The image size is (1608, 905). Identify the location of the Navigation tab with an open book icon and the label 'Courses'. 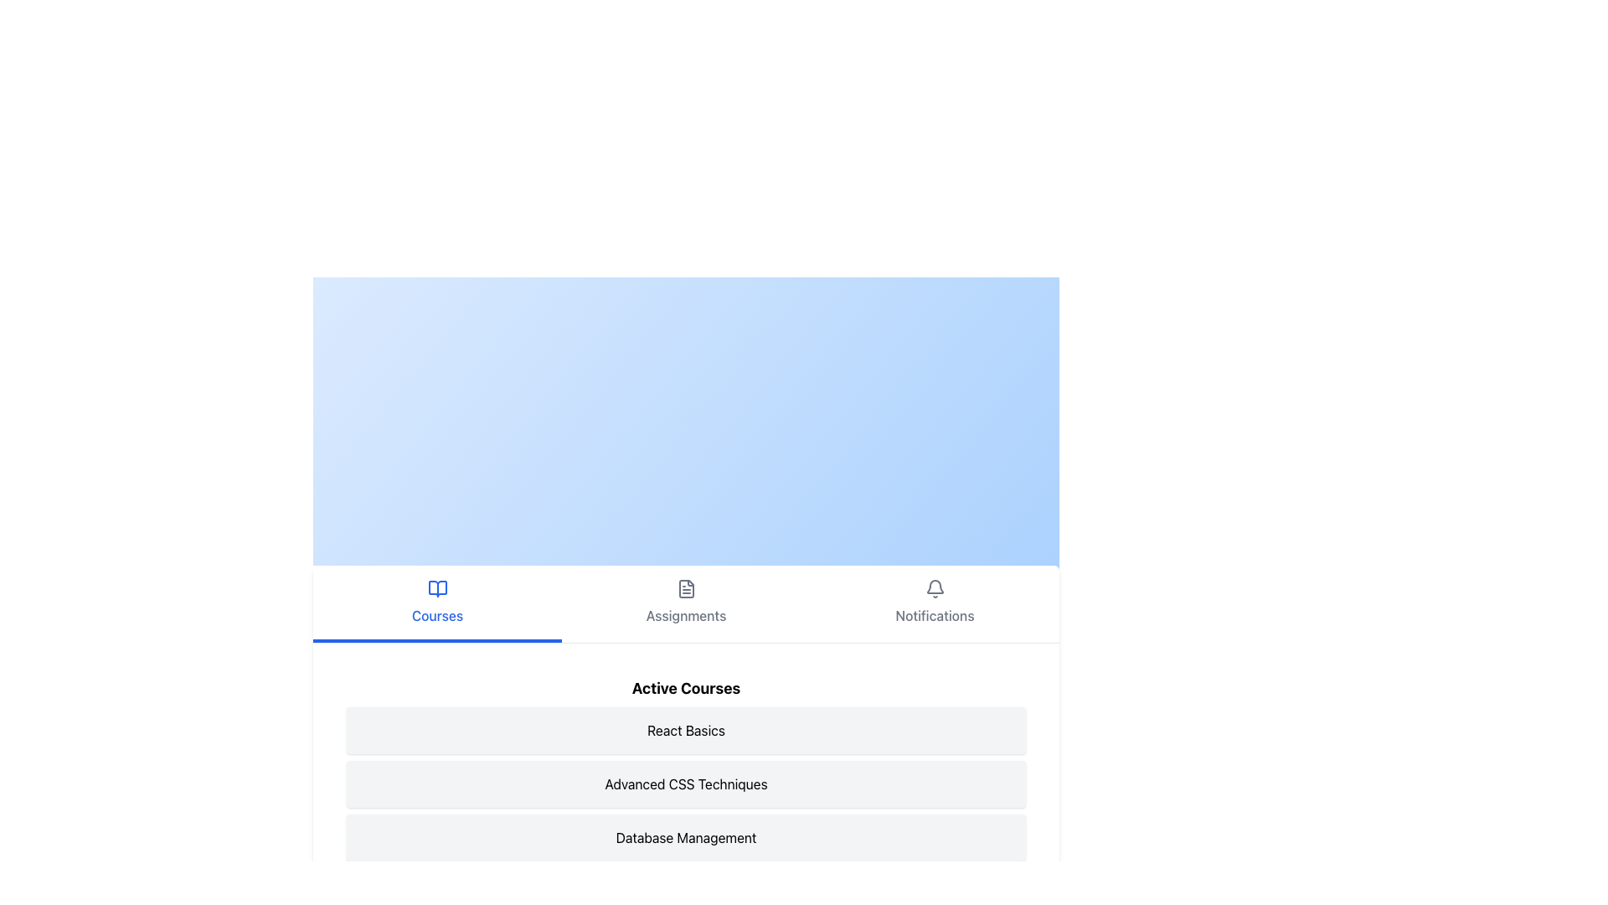
(437, 601).